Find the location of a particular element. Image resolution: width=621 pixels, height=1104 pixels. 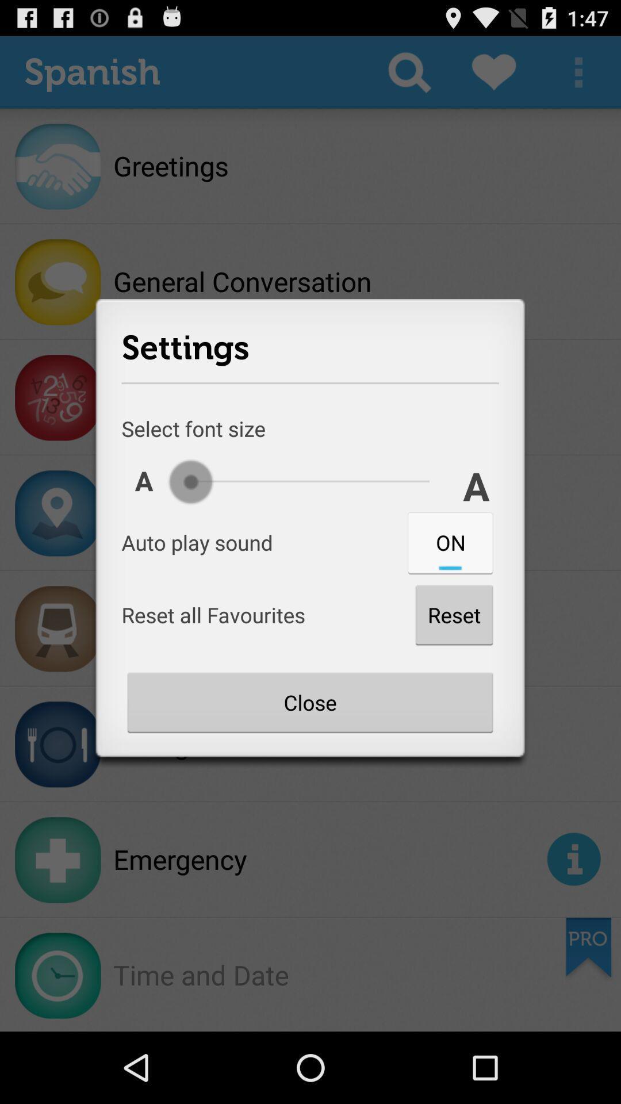

icon next to auto play sound is located at coordinates (450, 542).